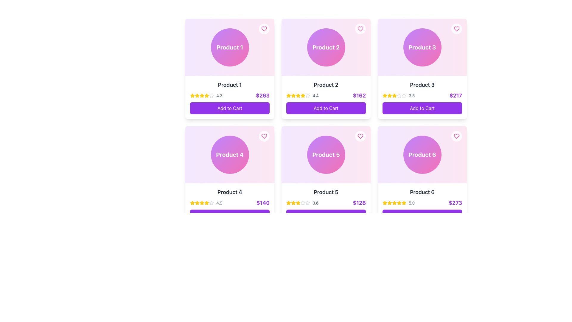 Image resolution: width=572 pixels, height=322 pixels. I want to click on the image element displaying 'Product 2' located in the center of the second card in the top row of a 3x2 grid layout, so click(326, 47).